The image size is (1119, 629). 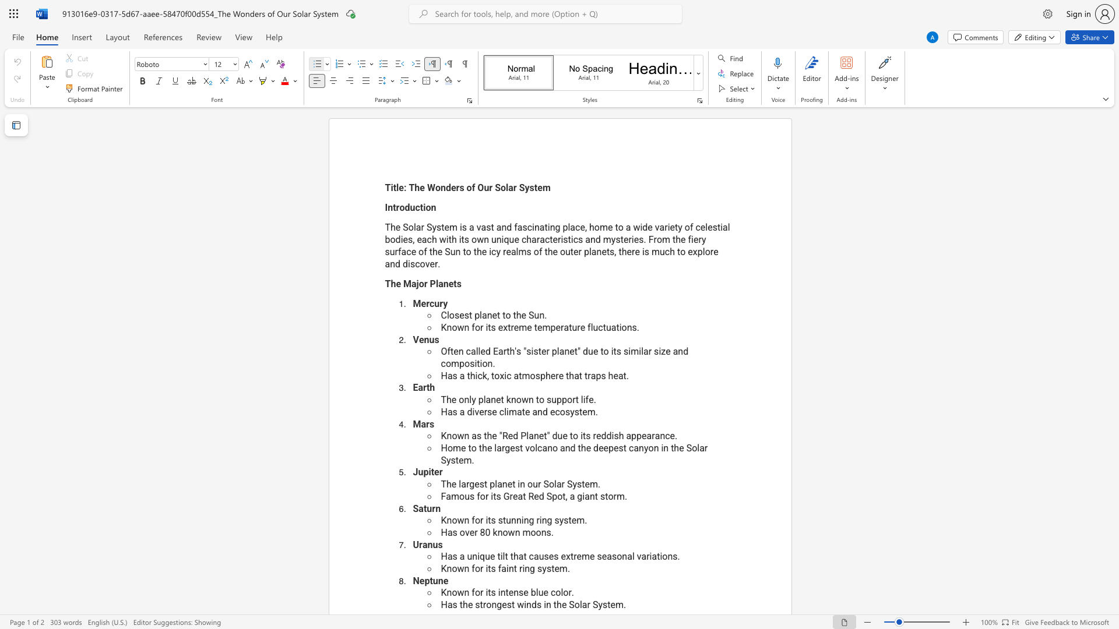 I want to click on the space between the continuous character "n" and "o" in the text, so click(x=552, y=447).